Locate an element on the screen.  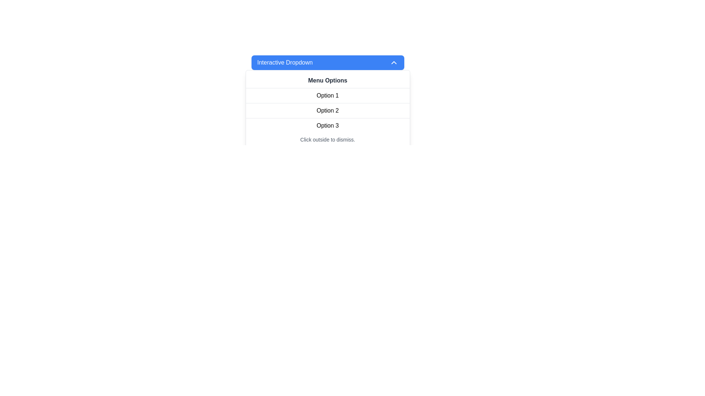
the first button labeled 'Option 1' within the dropdown menu titled 'Interactive Dropdown' is located at coordinates (327, 95).